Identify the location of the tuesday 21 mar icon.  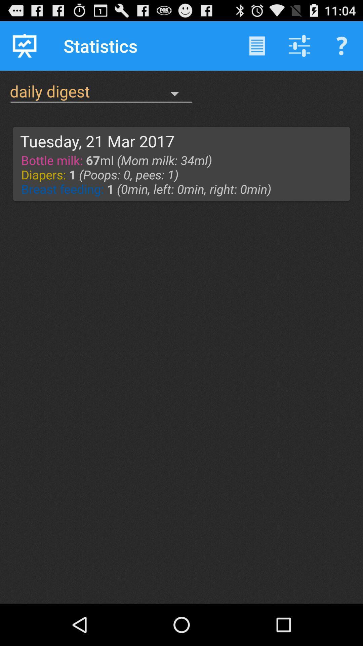
(97, 141).